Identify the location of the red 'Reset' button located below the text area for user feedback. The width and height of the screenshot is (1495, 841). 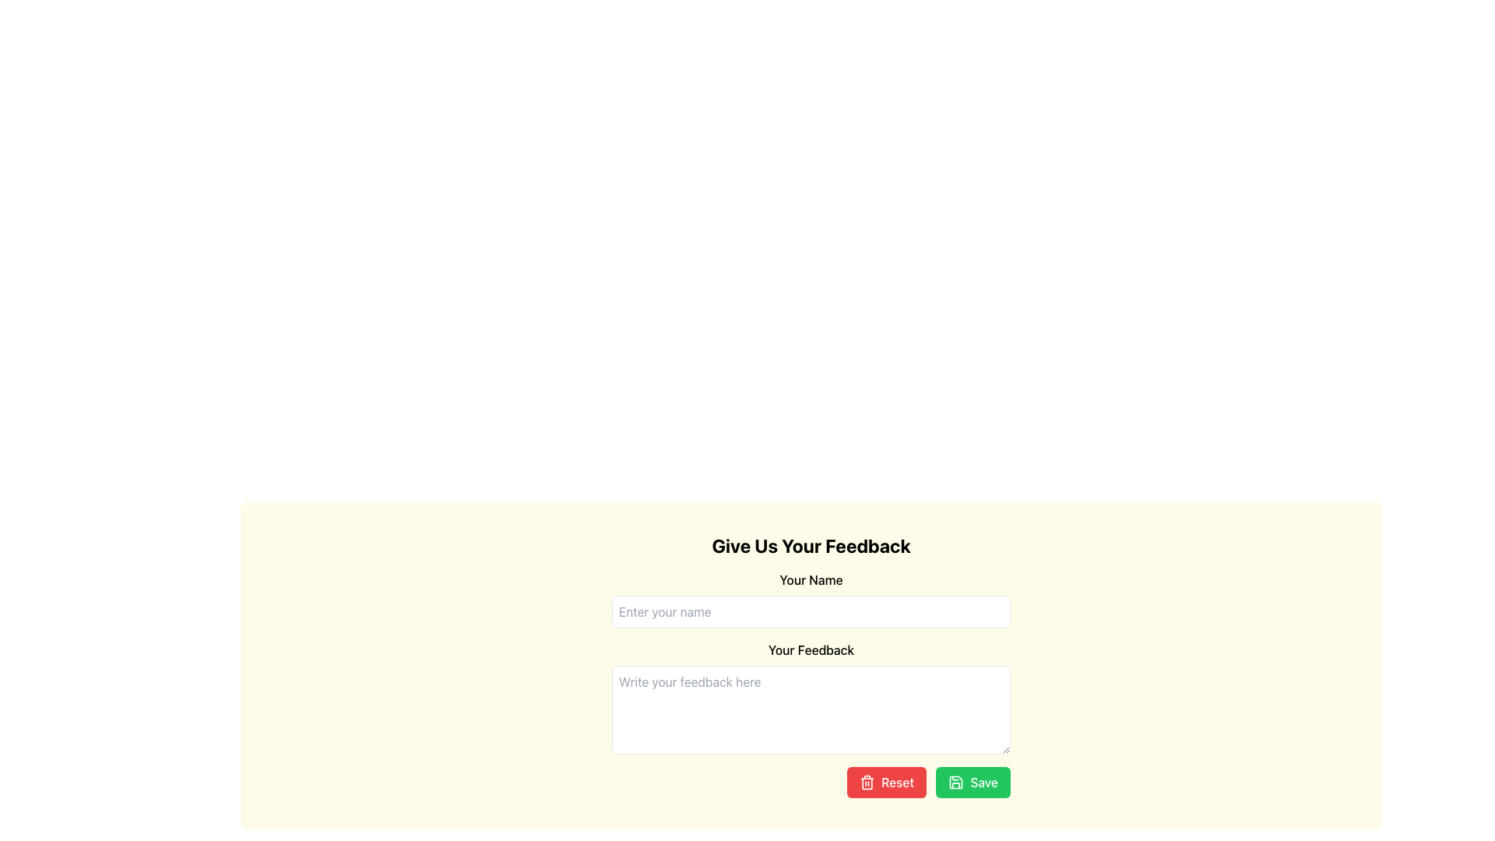
(898, 783).